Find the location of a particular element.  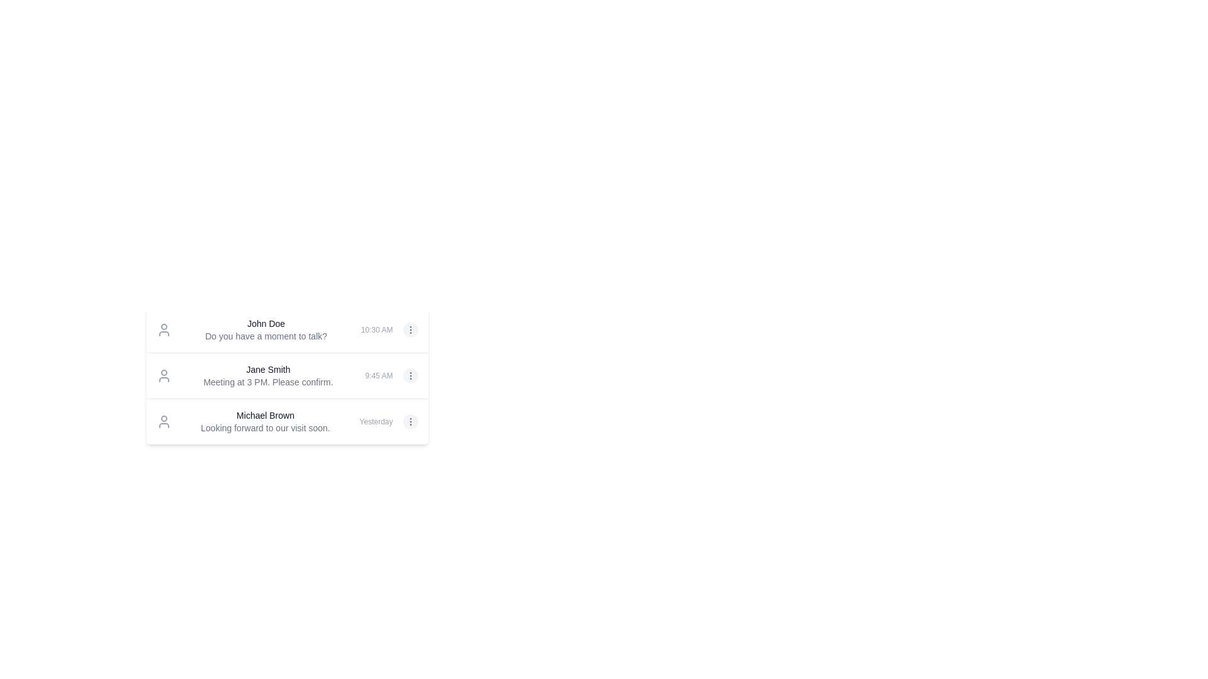

the small text label displaying 'Yesterday' in gray color, positioned to the far right of the row adjacent to the clickable icon is located at coordinates (376, 422).